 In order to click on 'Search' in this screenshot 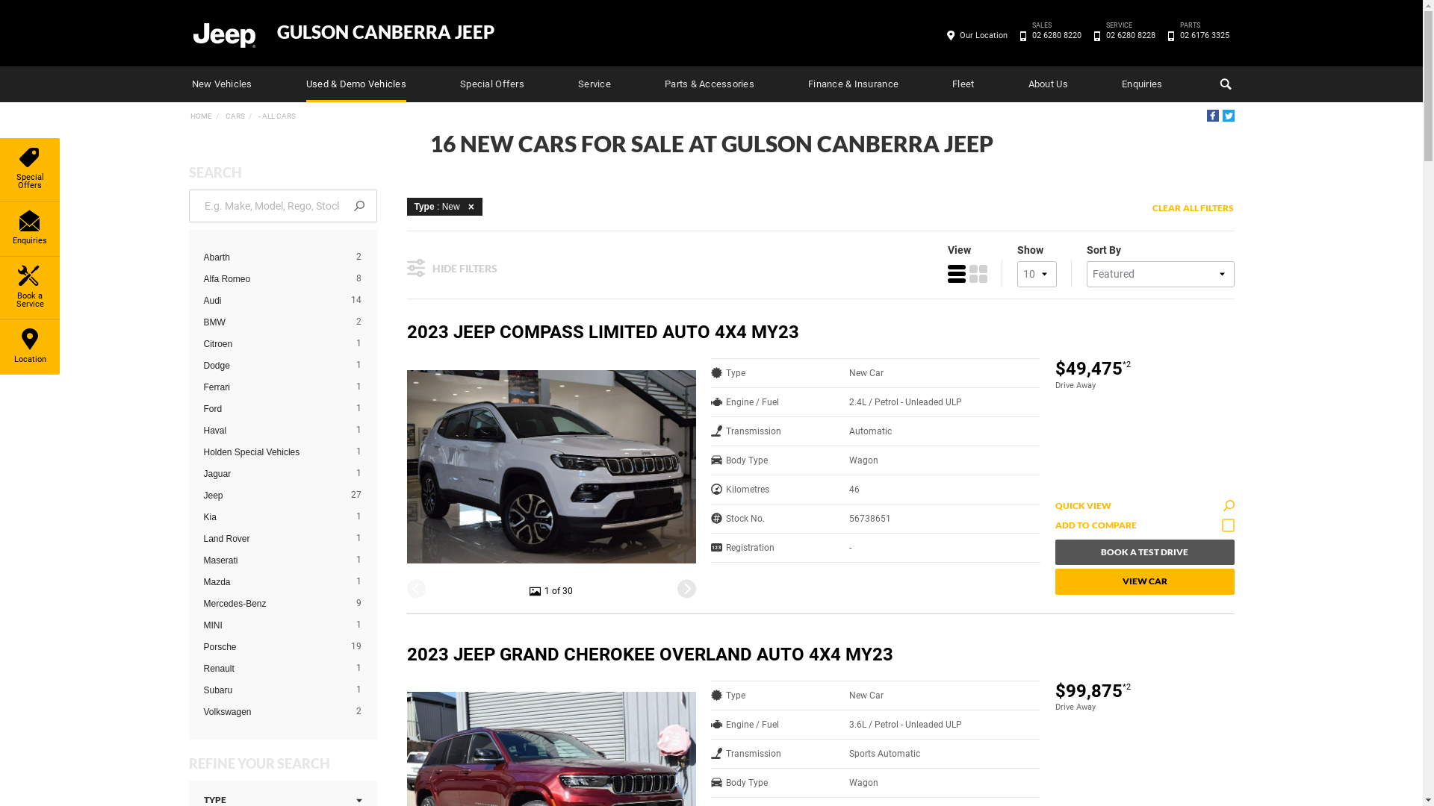, I will do `click(1223, 84)`.